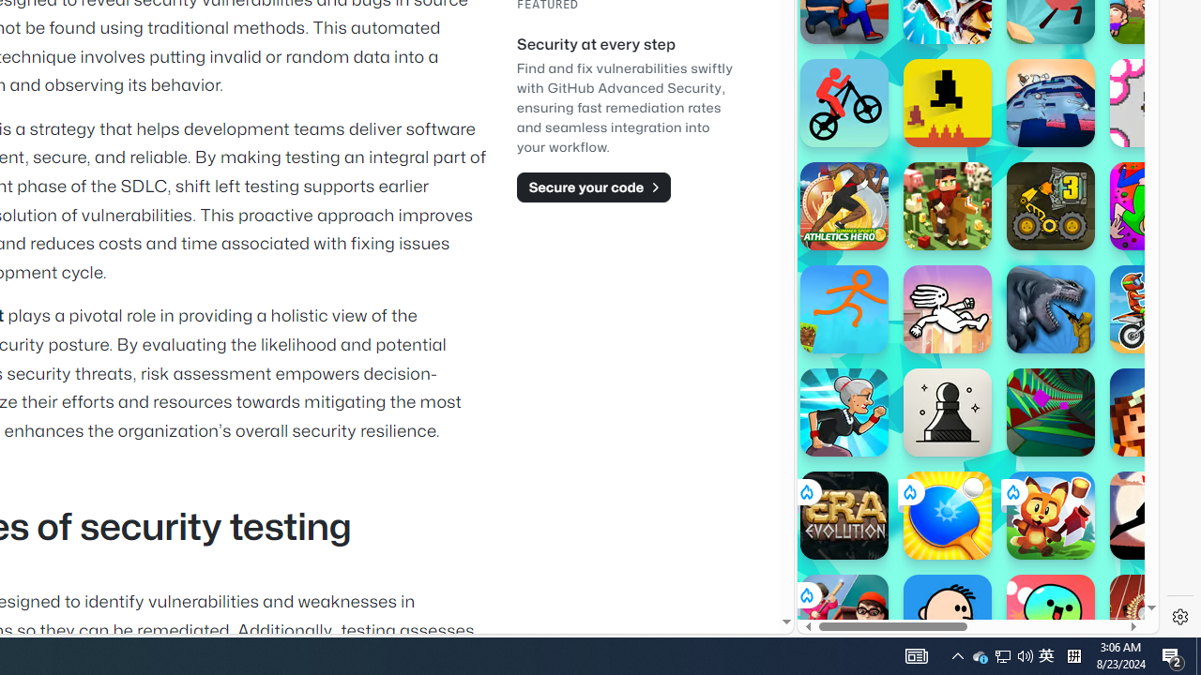 The width and height of the screenshot is (1201, 675). Describe the element at coordinates (1025, 316) in the screenshot. I see `'poki.com'` at that location.